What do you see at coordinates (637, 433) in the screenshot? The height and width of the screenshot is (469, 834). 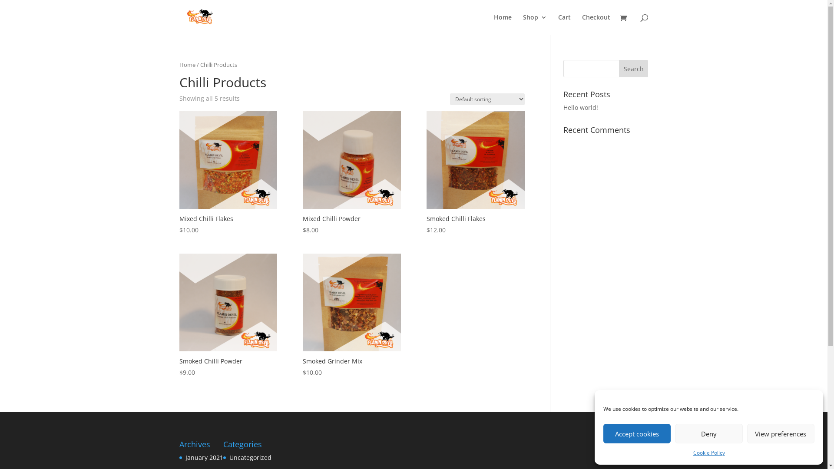 I see `'Accept cookies'` at bounding box center [637, 433].